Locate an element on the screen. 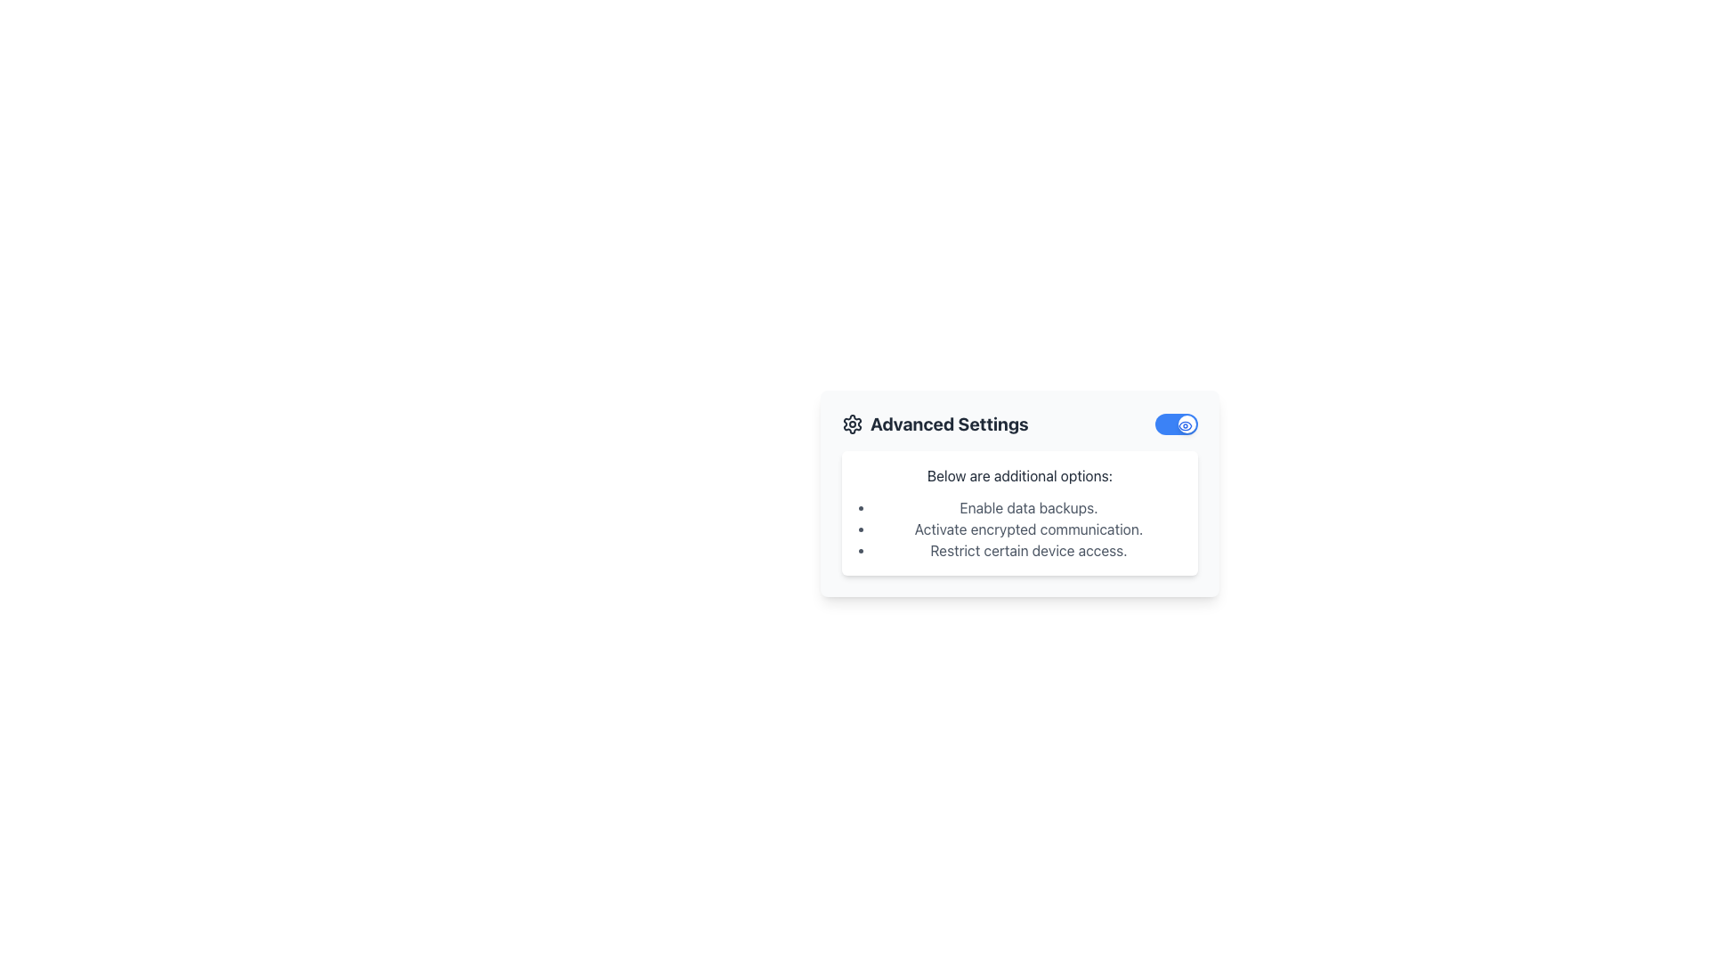 This screenshot has height=961, width=1709. the eye-shaped blue icon located at the top-right side of the 'Advanced Settings' toggle switch component is located at coordinates (1185, 425).